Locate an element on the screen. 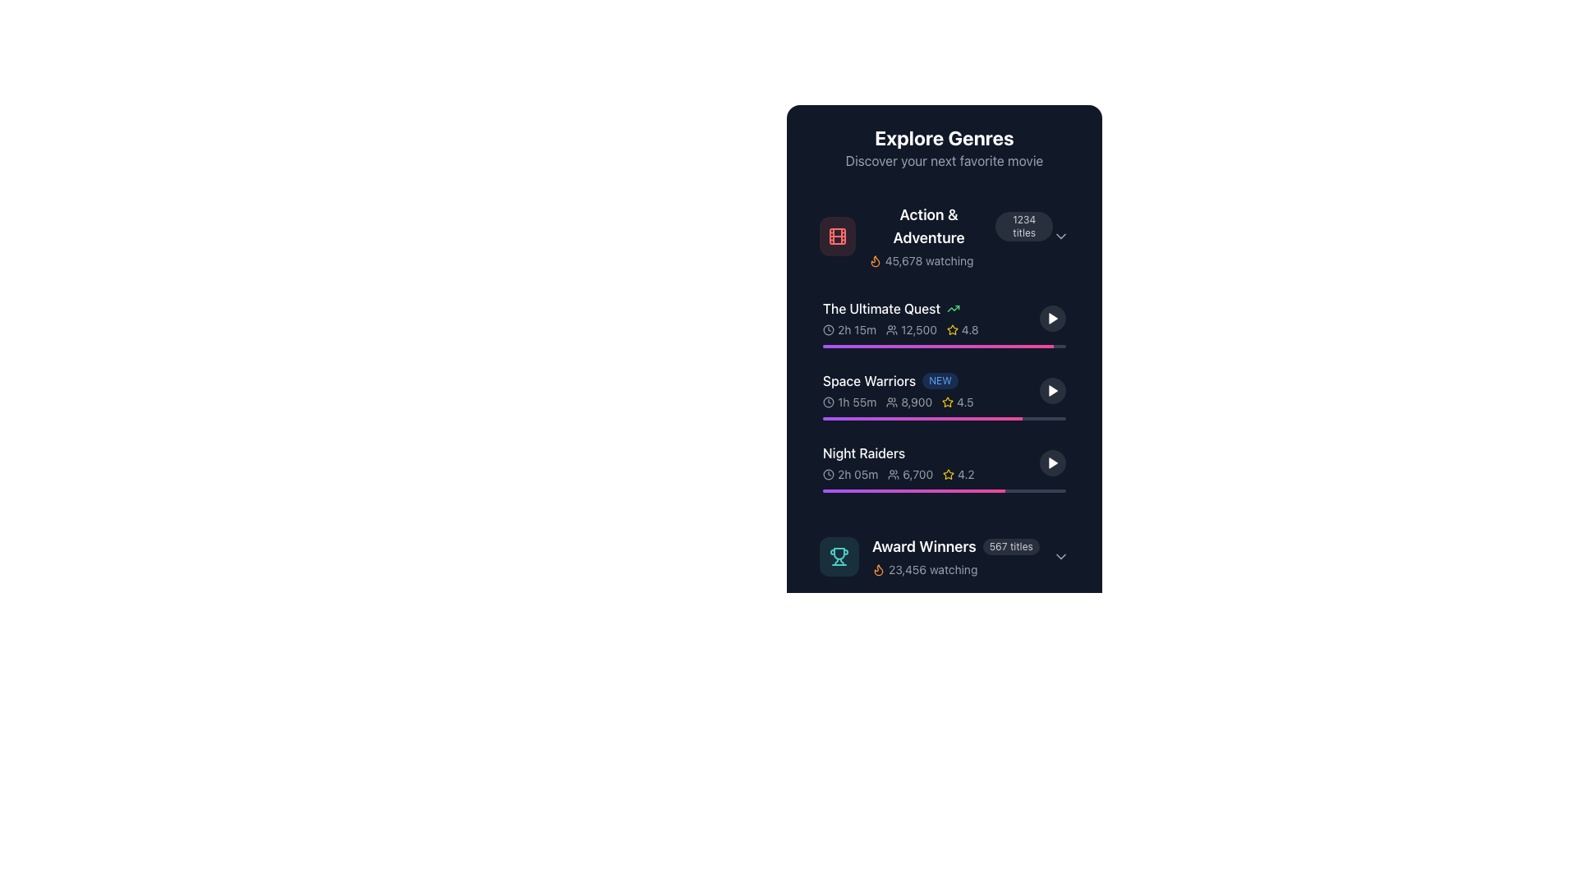 The image size is (1577, 887). the circular play button with a semi-transparent dark background located to the far right of the 'Space Warriors' listing is located at coordinates (1052, 390).